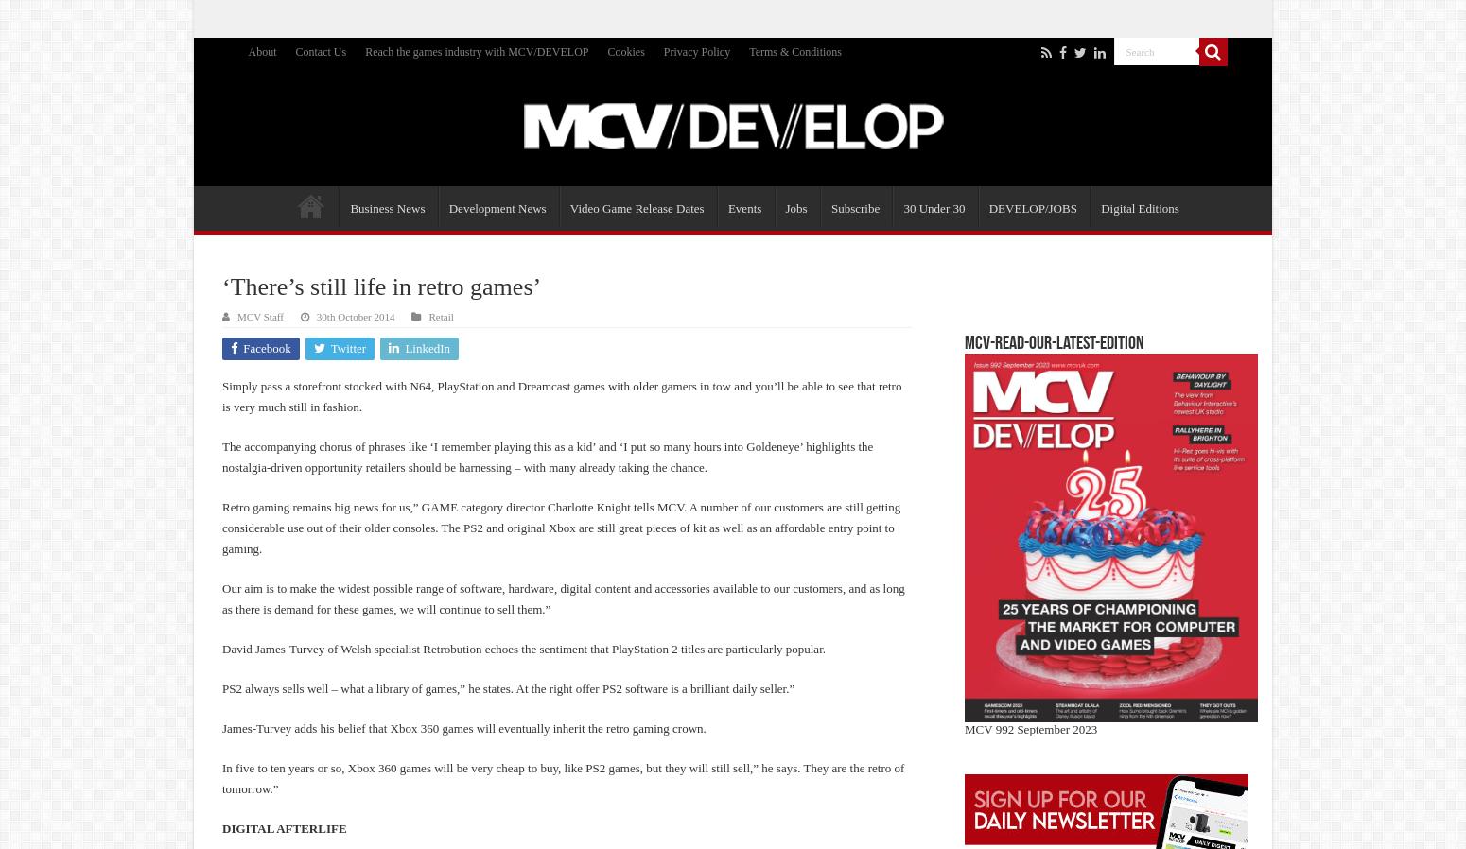 The width and height of the screenshot is (1466, 849). Describe the element at coordinates (854, 207) in the screenshot. I see `'Subscribe'` at that location.